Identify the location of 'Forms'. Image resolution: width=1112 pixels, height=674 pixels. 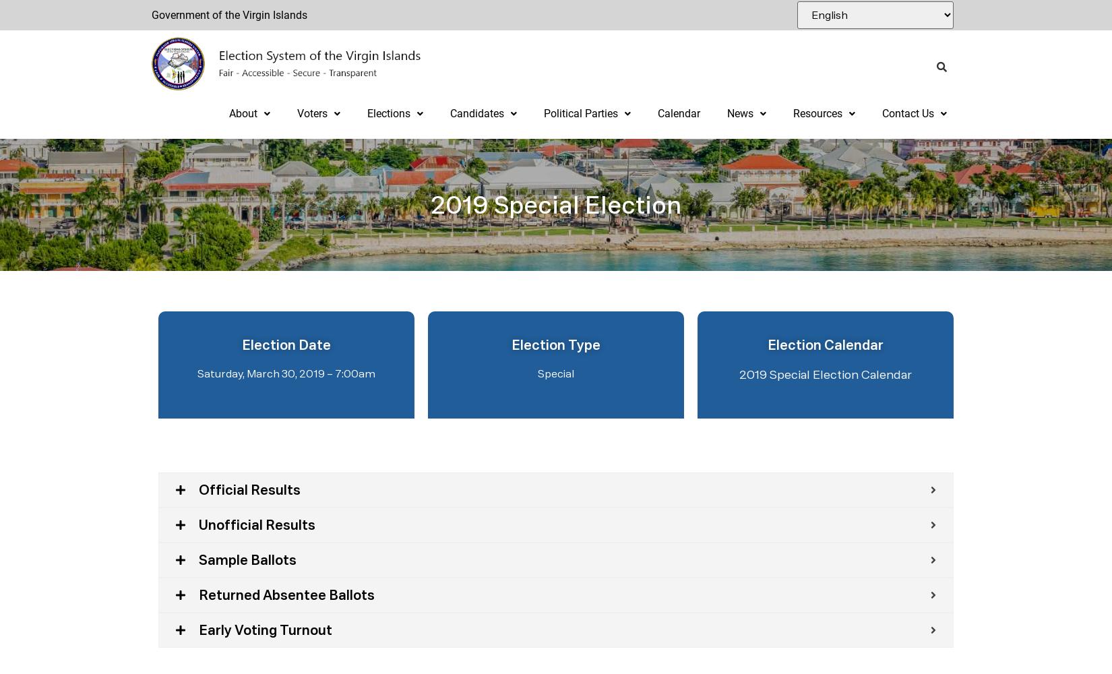
(808, 161).